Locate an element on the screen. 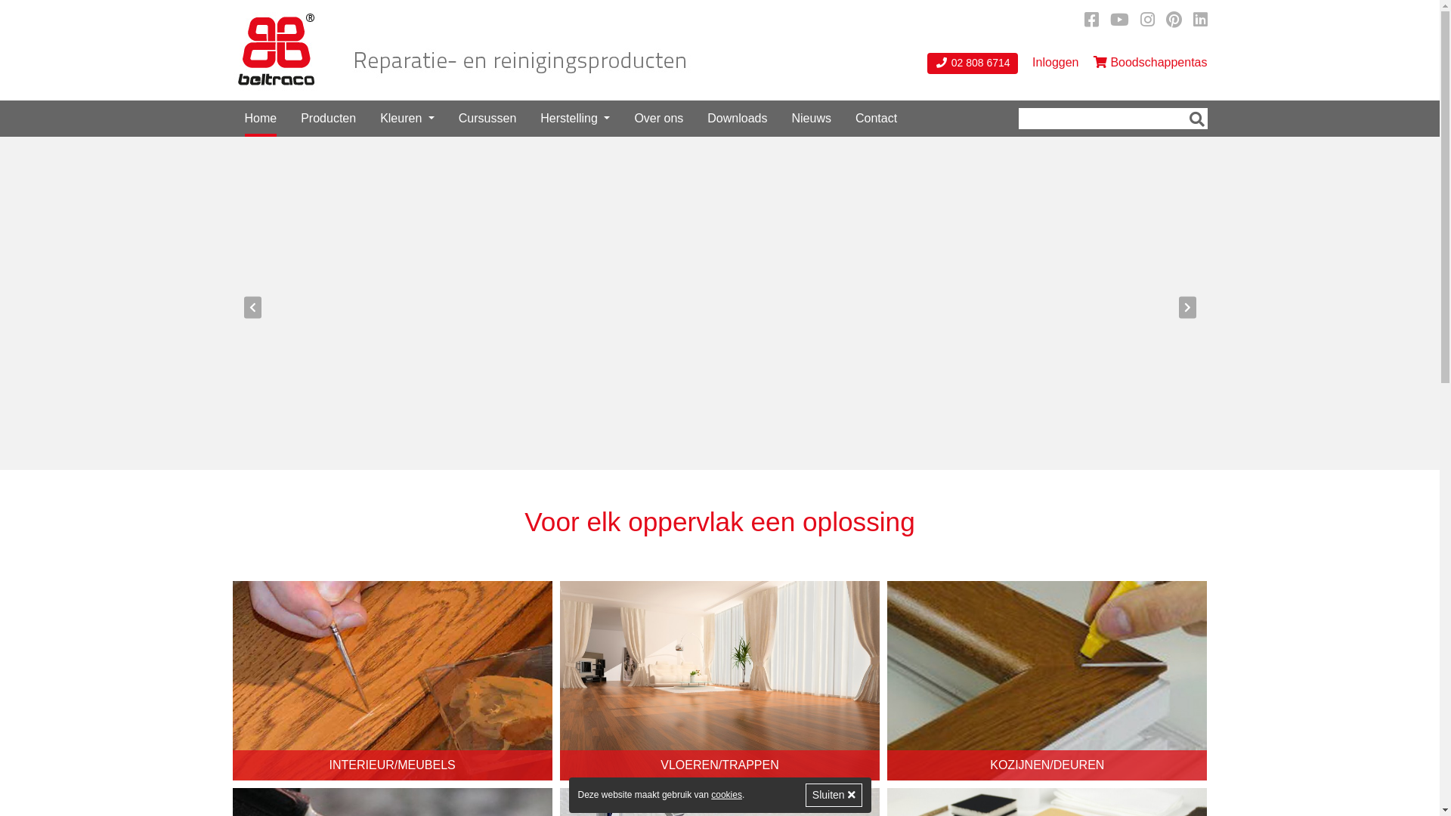 The width and height of the screenshot is (1451, 816). 'Downloads' is located at coordinates (737, 118).